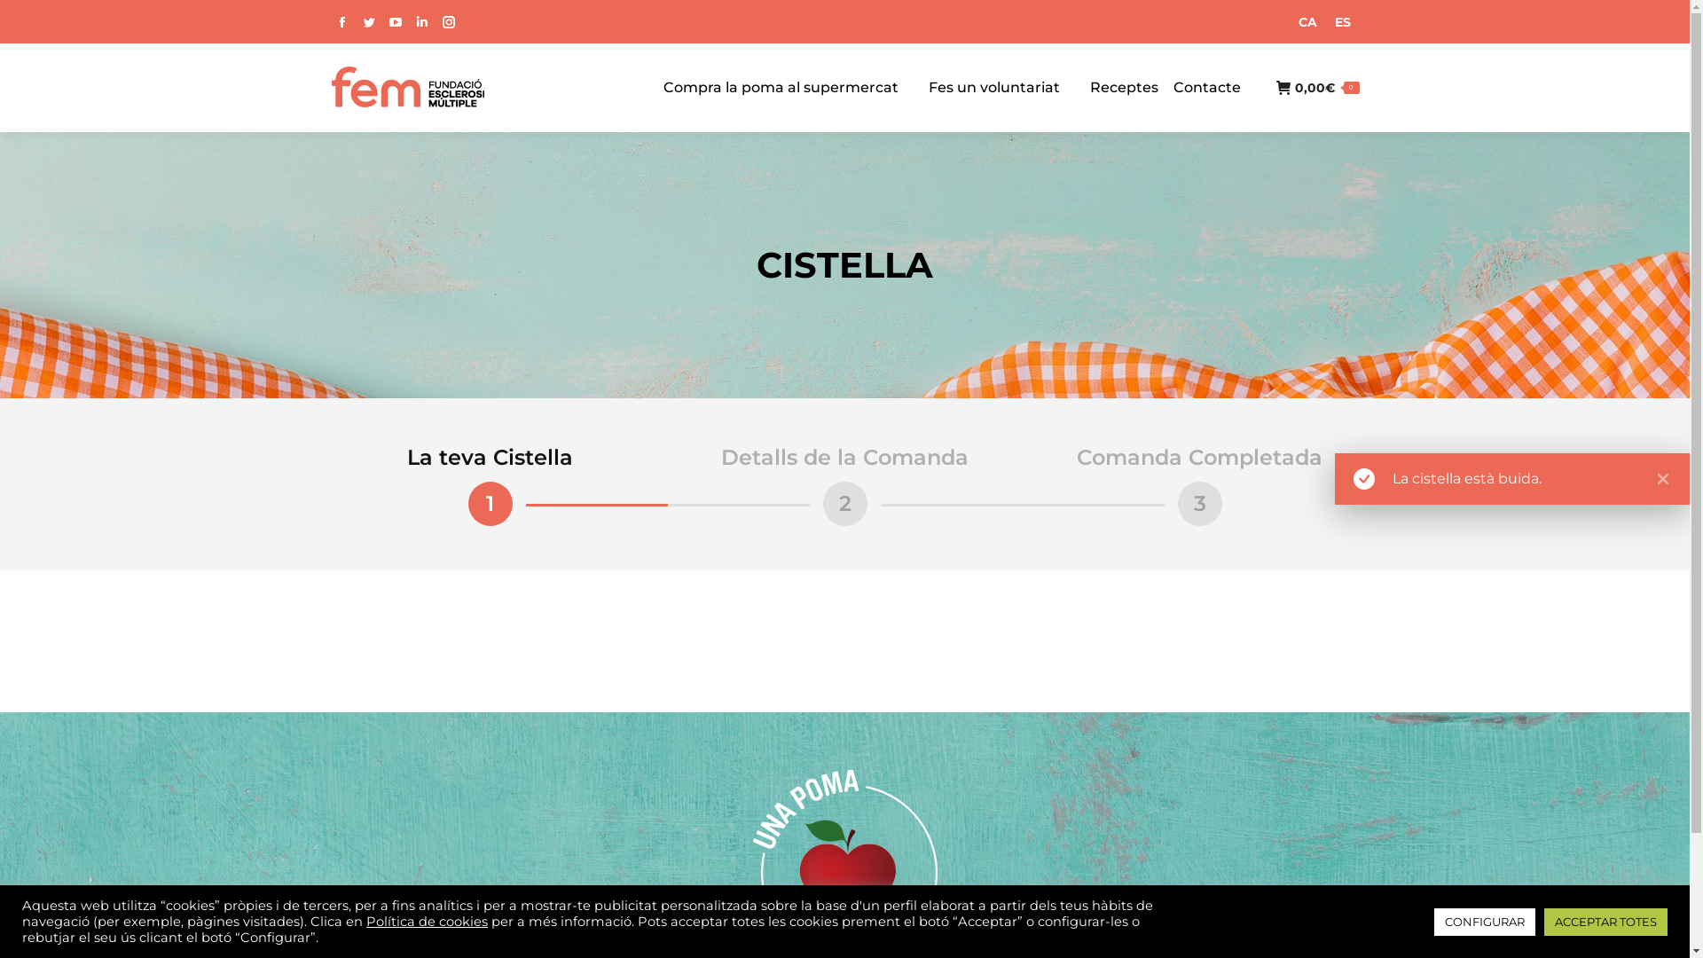 Image resolution: width=1703 pixels, height=958 pixels. I want to click on 'Linkedin page opens in new window', so click(420, 21).